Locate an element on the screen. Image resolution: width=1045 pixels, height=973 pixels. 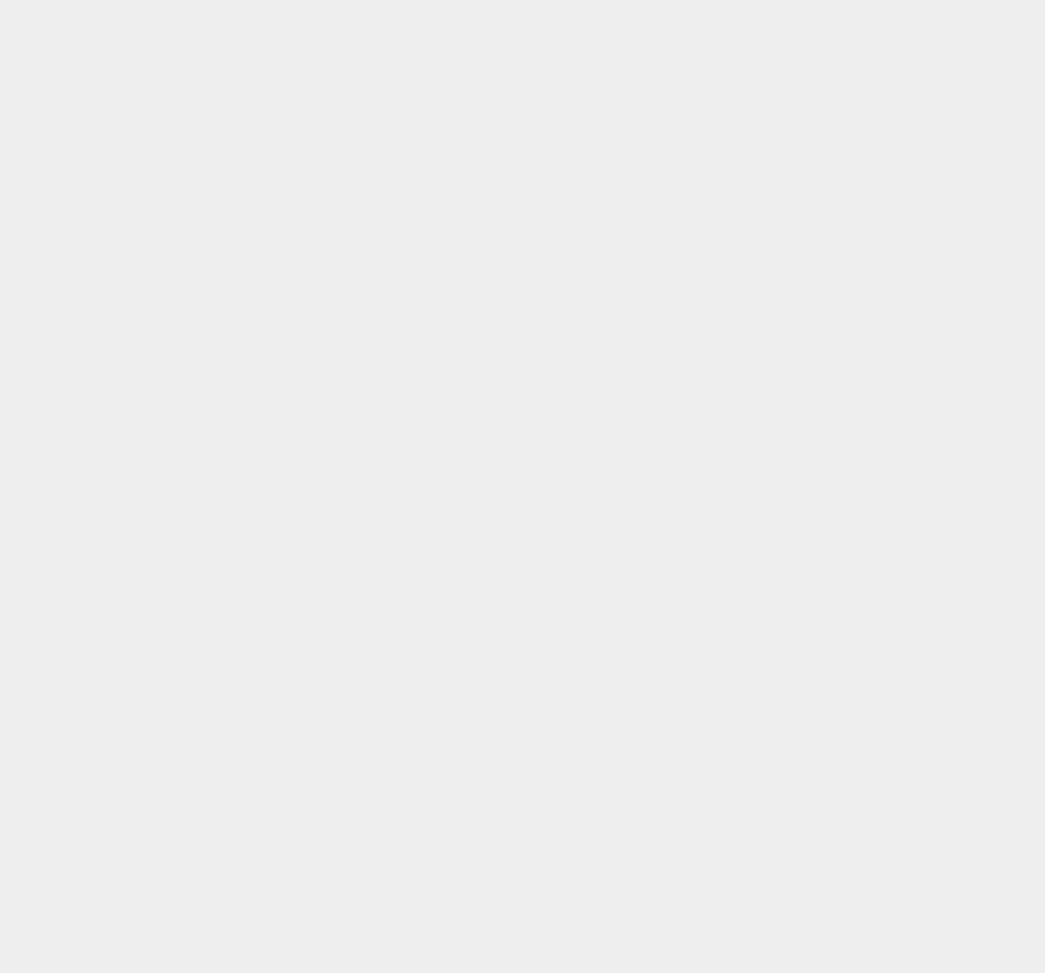
'Search Engine' is located at coordinates (738, 219).